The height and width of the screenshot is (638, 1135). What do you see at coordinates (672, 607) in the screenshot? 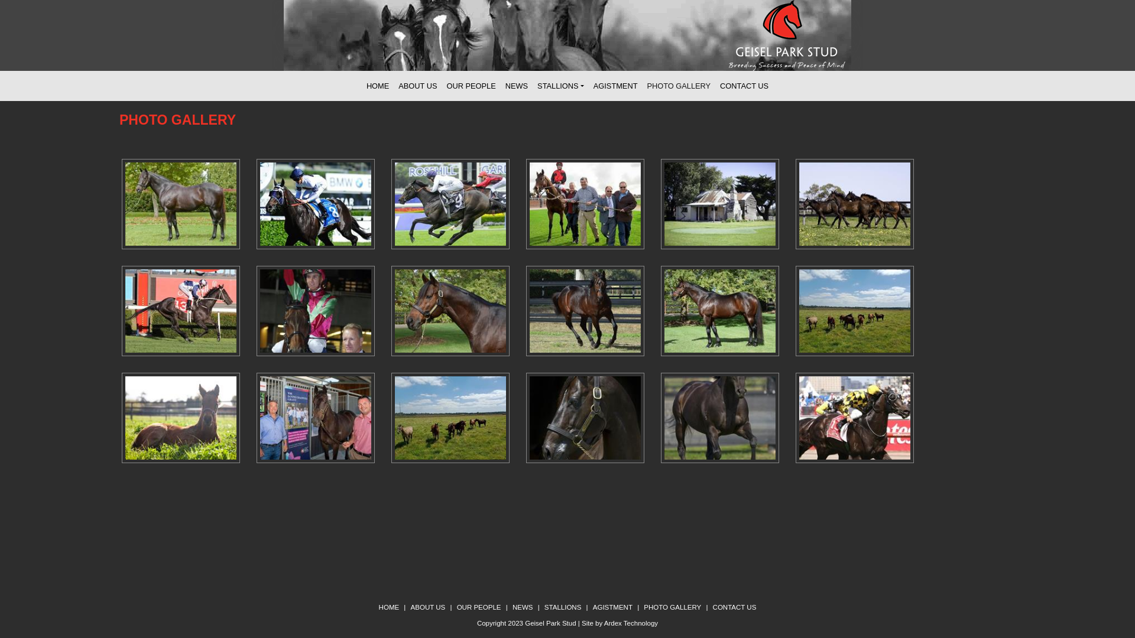
I see `'PHOTO GALLERY'` at bounding box center [672, 607].